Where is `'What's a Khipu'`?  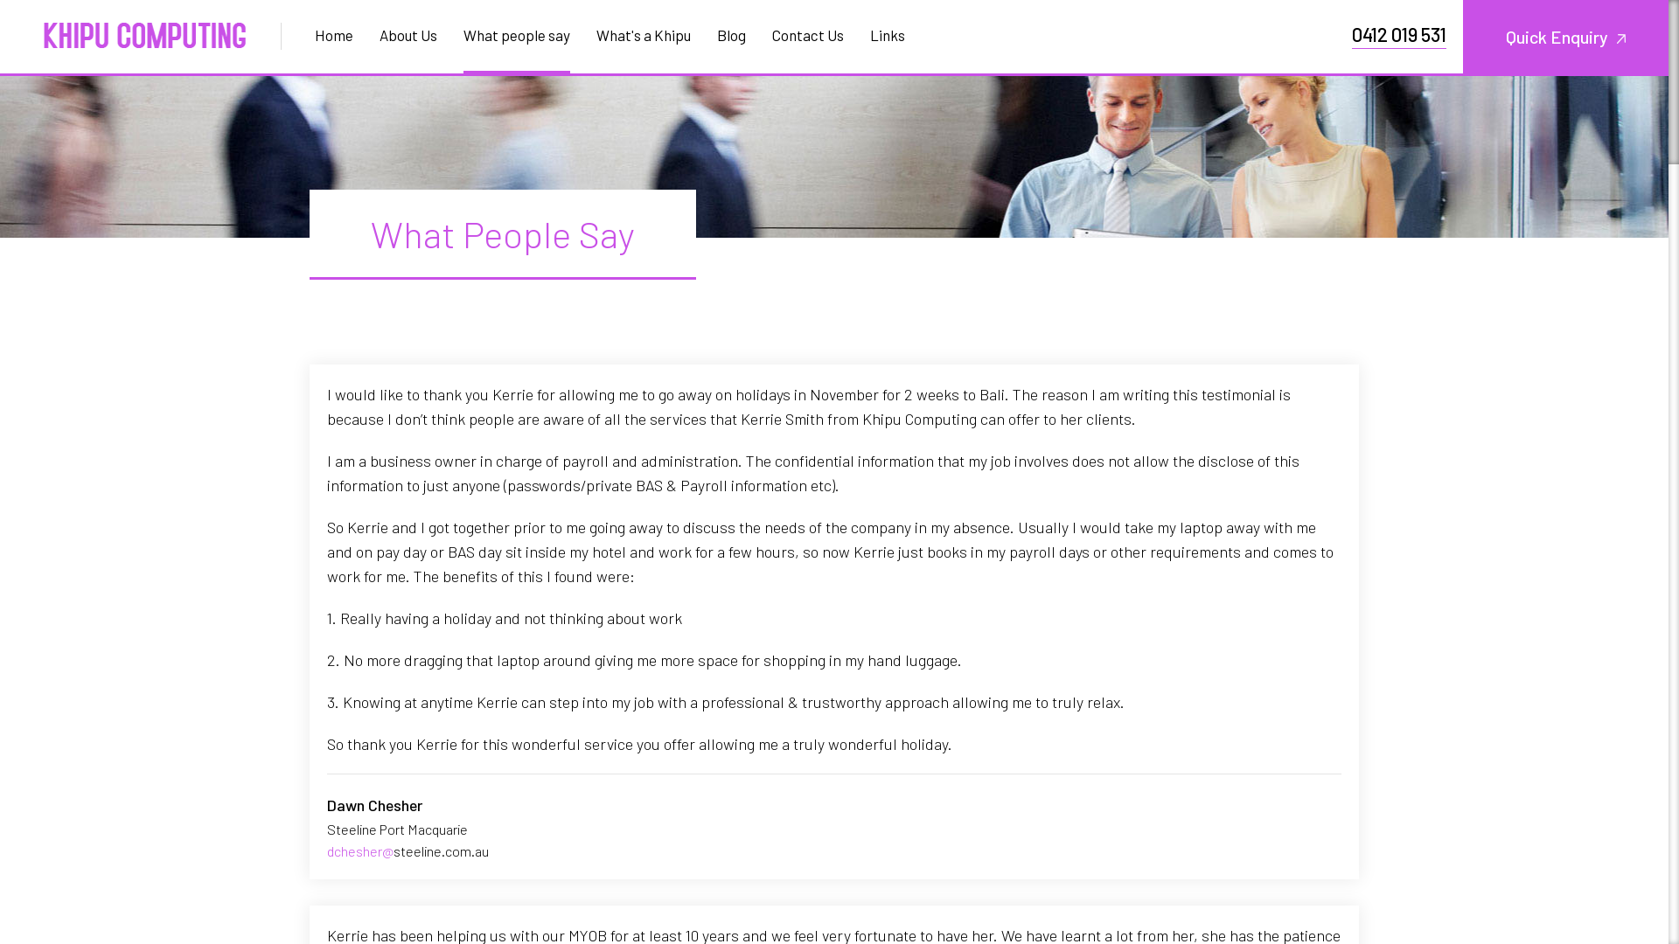
'What's a Khipu' is located at coordinates (642, 34).